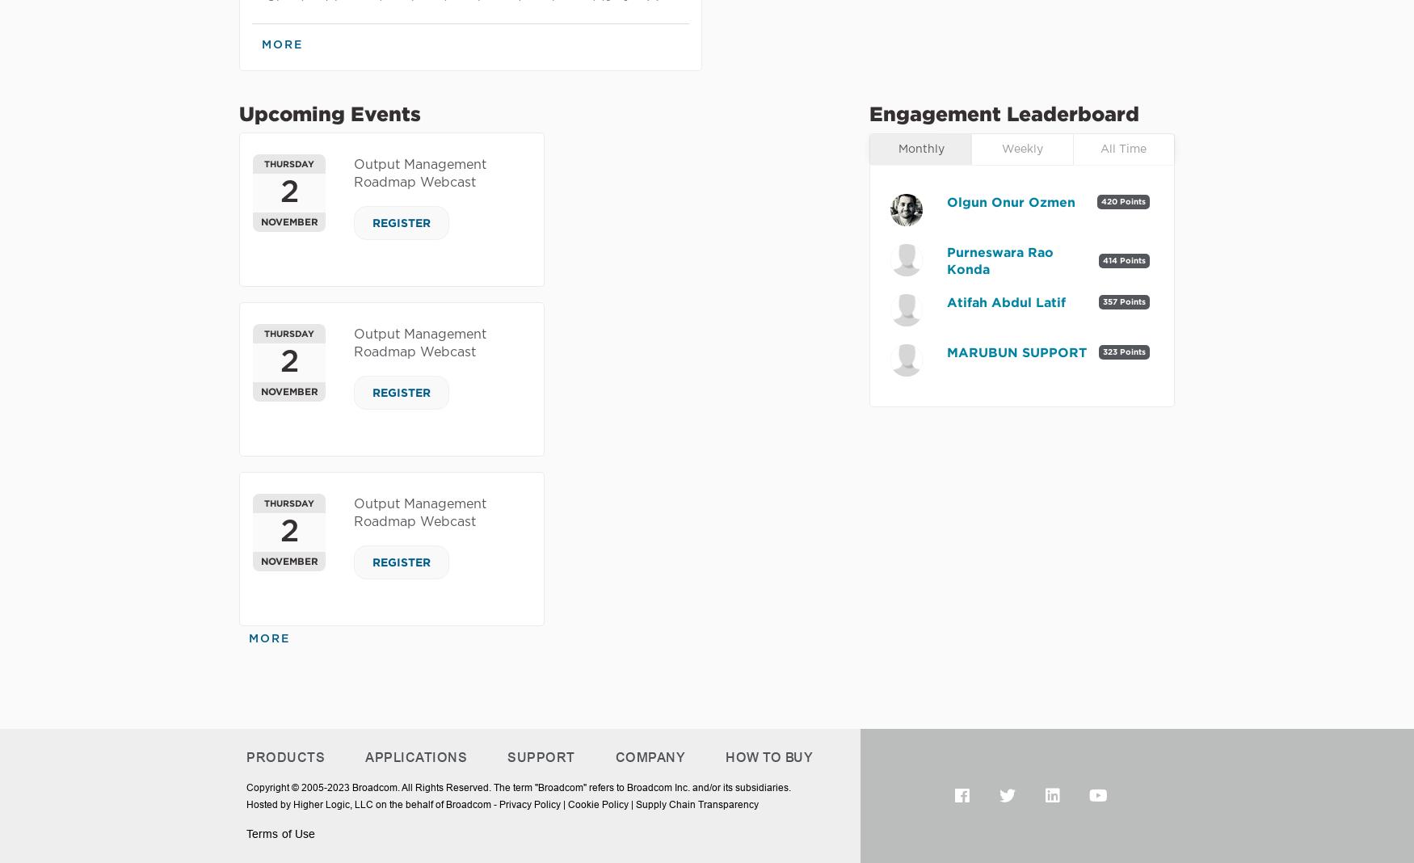 This screenshot has height=863, width=1414. I want to click on 'Copyright © 2005-2023 Broadcom. All Rights Reserved. The term "Broadcom" refers to Broadcom Inc. and/or its subsidiaries.', so click(246, 787).